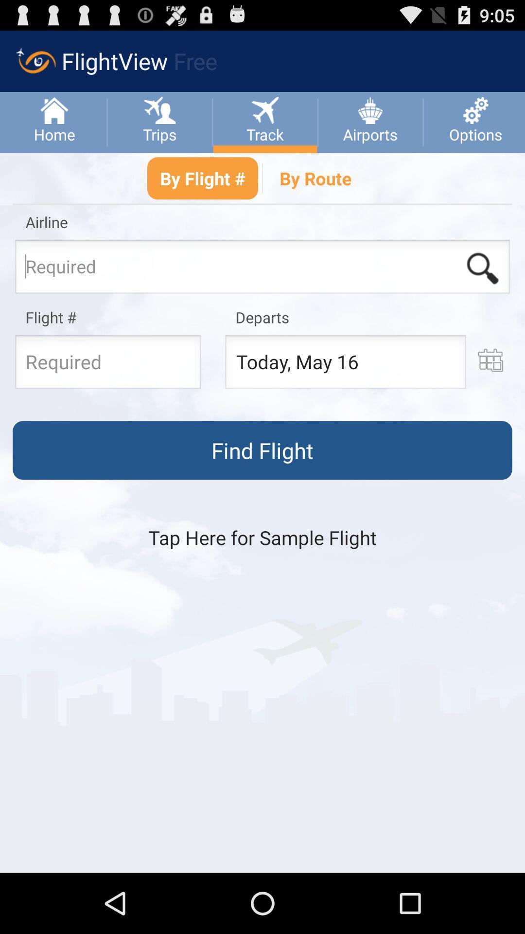  Describe the element at coordinates (262, 269) in the screenshot. I see `input an airline name` at that location.